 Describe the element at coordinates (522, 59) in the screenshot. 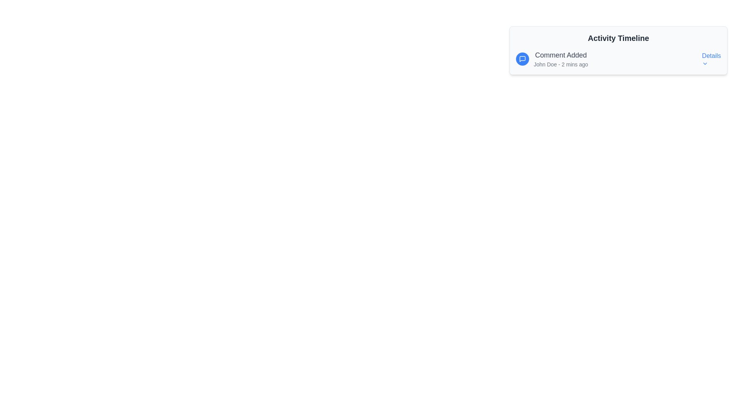

I see `the message/comment icon located inside the notification box titled 'Activity Timeline', which is to the left of the 'Comment Added' text` at that location.